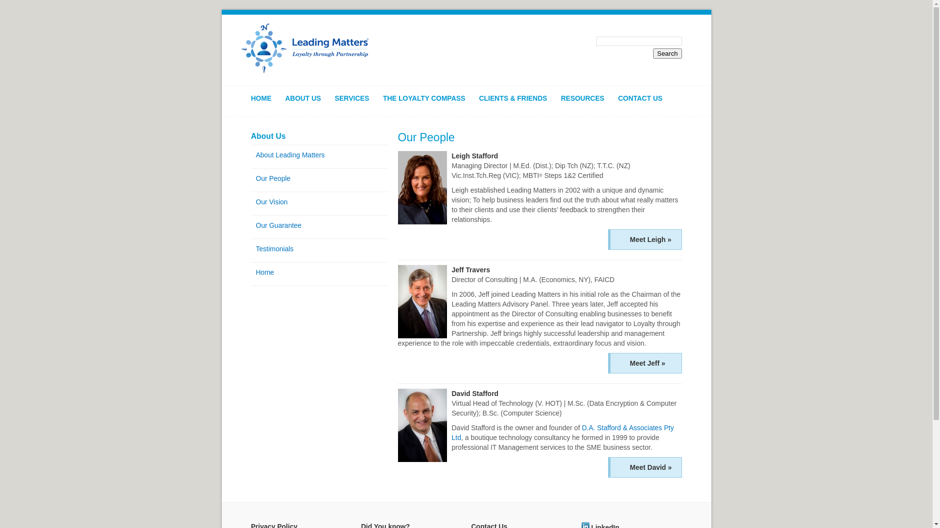 Image resolution: width=940 pixels, height=528 pixels. I want to click on 'HOME', so click(265, 103).